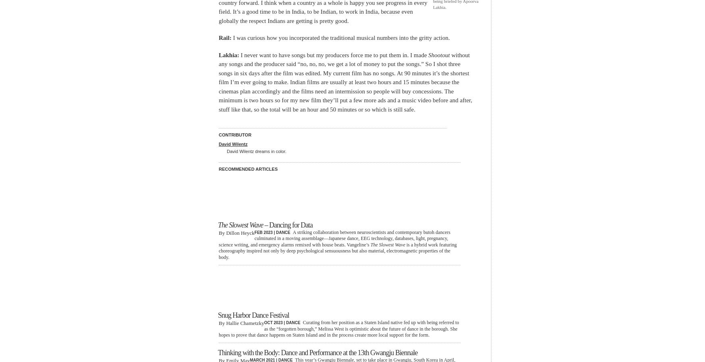 The height and width of the screenshot is (362, 705). What do you see at coordinates (229, 54) in the screenshot?
I see `'Lakhia:'` at bounding box center [229, 54].